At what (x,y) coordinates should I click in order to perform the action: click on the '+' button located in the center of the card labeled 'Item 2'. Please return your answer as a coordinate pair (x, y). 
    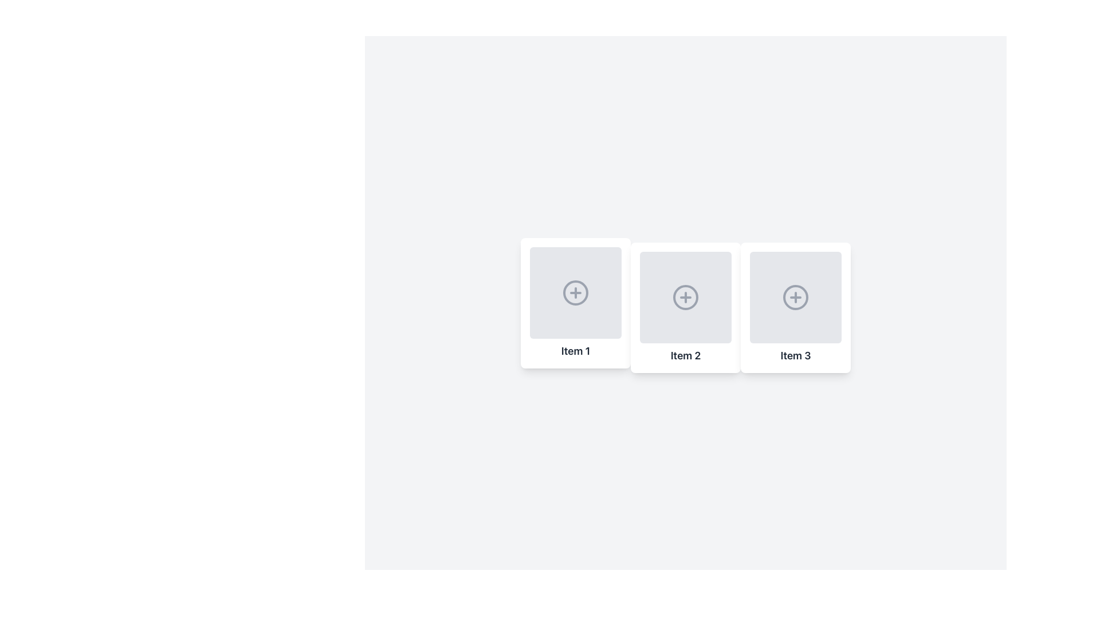
    Looking at the image, I should click on (685, 296).